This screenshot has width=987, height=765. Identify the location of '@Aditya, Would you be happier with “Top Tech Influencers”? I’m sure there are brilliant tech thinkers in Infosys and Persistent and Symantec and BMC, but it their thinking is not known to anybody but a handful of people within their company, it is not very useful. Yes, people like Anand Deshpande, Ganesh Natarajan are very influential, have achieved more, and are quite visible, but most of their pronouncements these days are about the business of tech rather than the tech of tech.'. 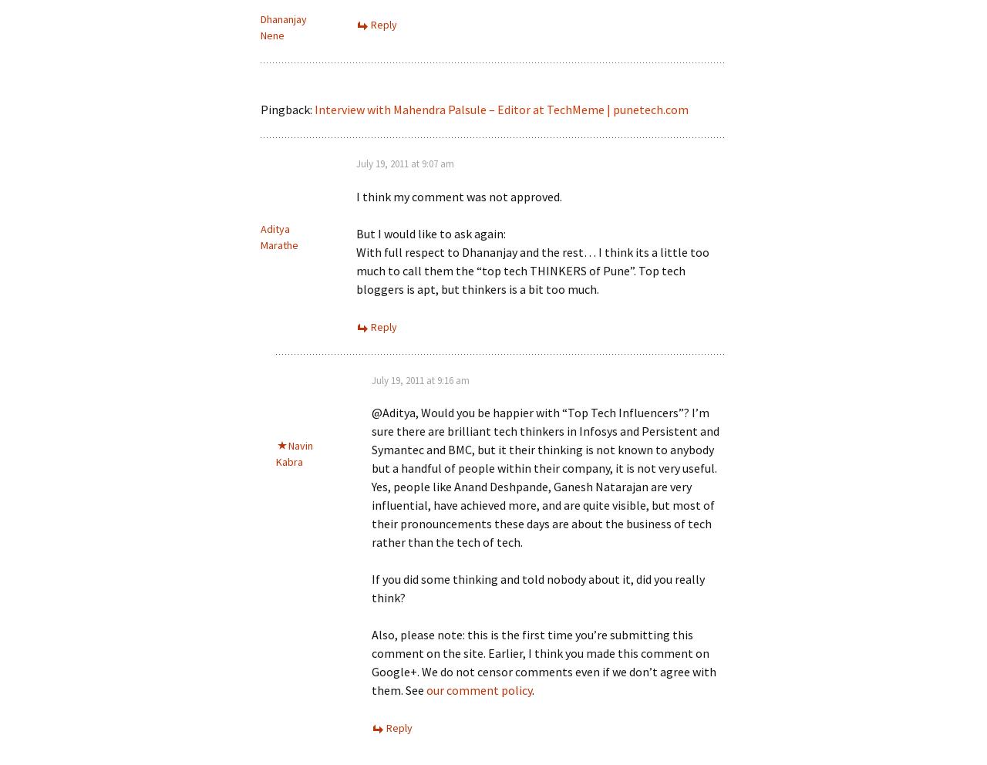
(545, 477).